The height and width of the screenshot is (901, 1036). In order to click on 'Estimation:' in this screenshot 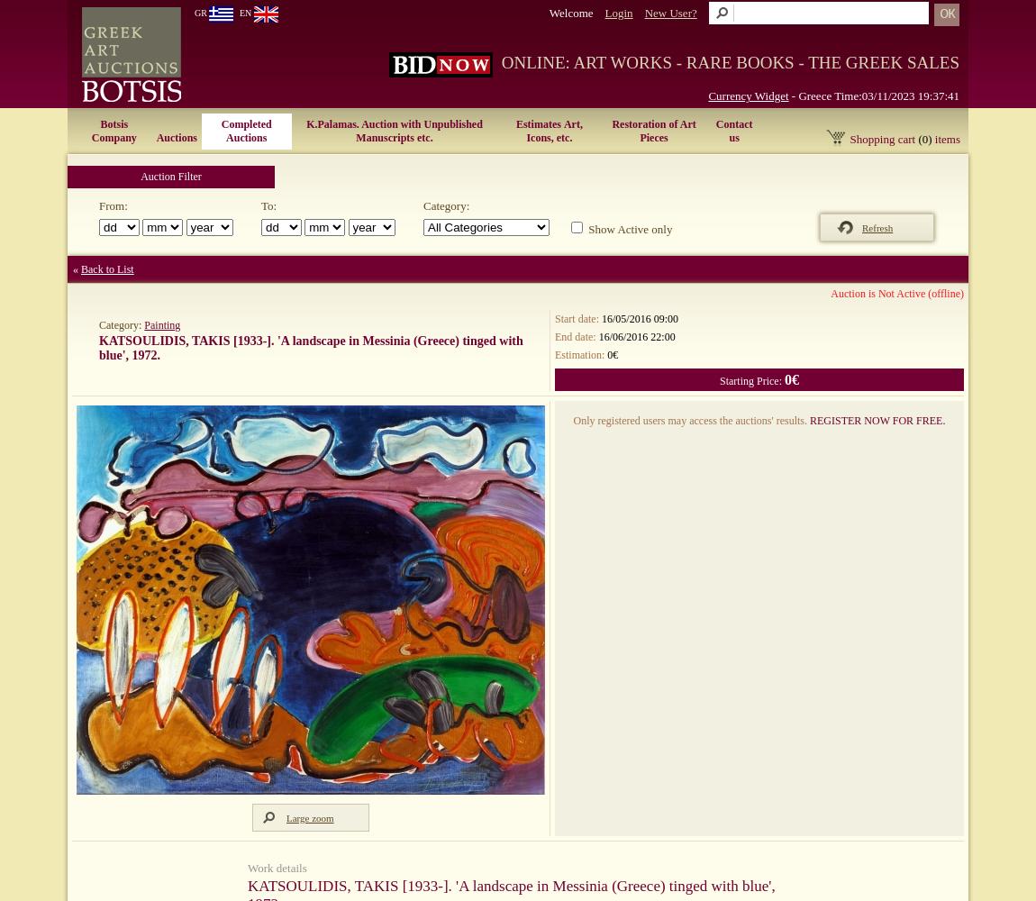, I will do `click(580, 354)`.